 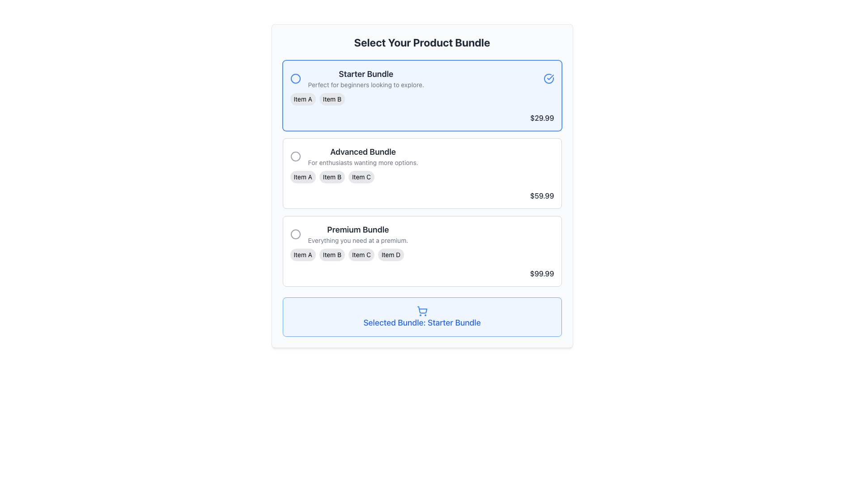 What do you see at coordinates (361, 177) in the screenshot?
I see `the label with the text 'Item C', which is a small, rounded rectangle with a light gray background, positioned below the 'Advanced Bundle' section and aligned with 'Item A' and 'Item B'` at bounding box center [361, 177].